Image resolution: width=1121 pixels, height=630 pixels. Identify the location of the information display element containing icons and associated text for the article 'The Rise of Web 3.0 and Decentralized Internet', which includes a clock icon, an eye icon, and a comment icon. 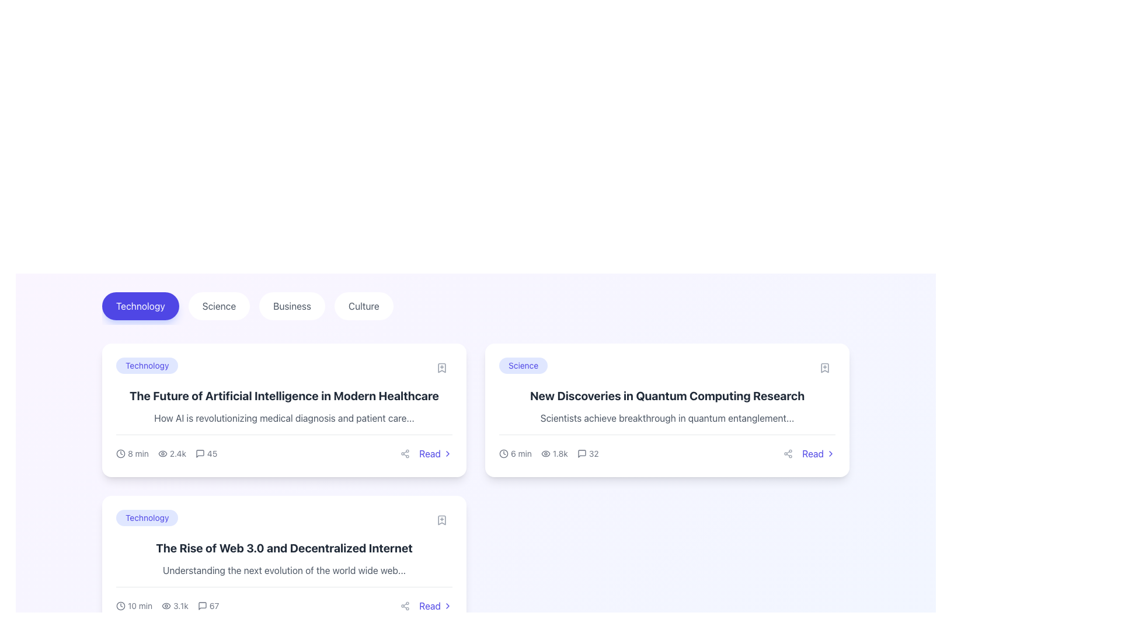
(167, 605).